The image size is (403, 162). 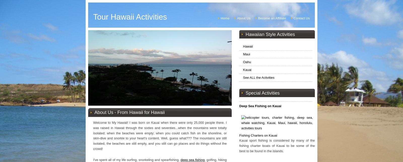 I want to click on 'Kauai', so click(x=247, y=69).